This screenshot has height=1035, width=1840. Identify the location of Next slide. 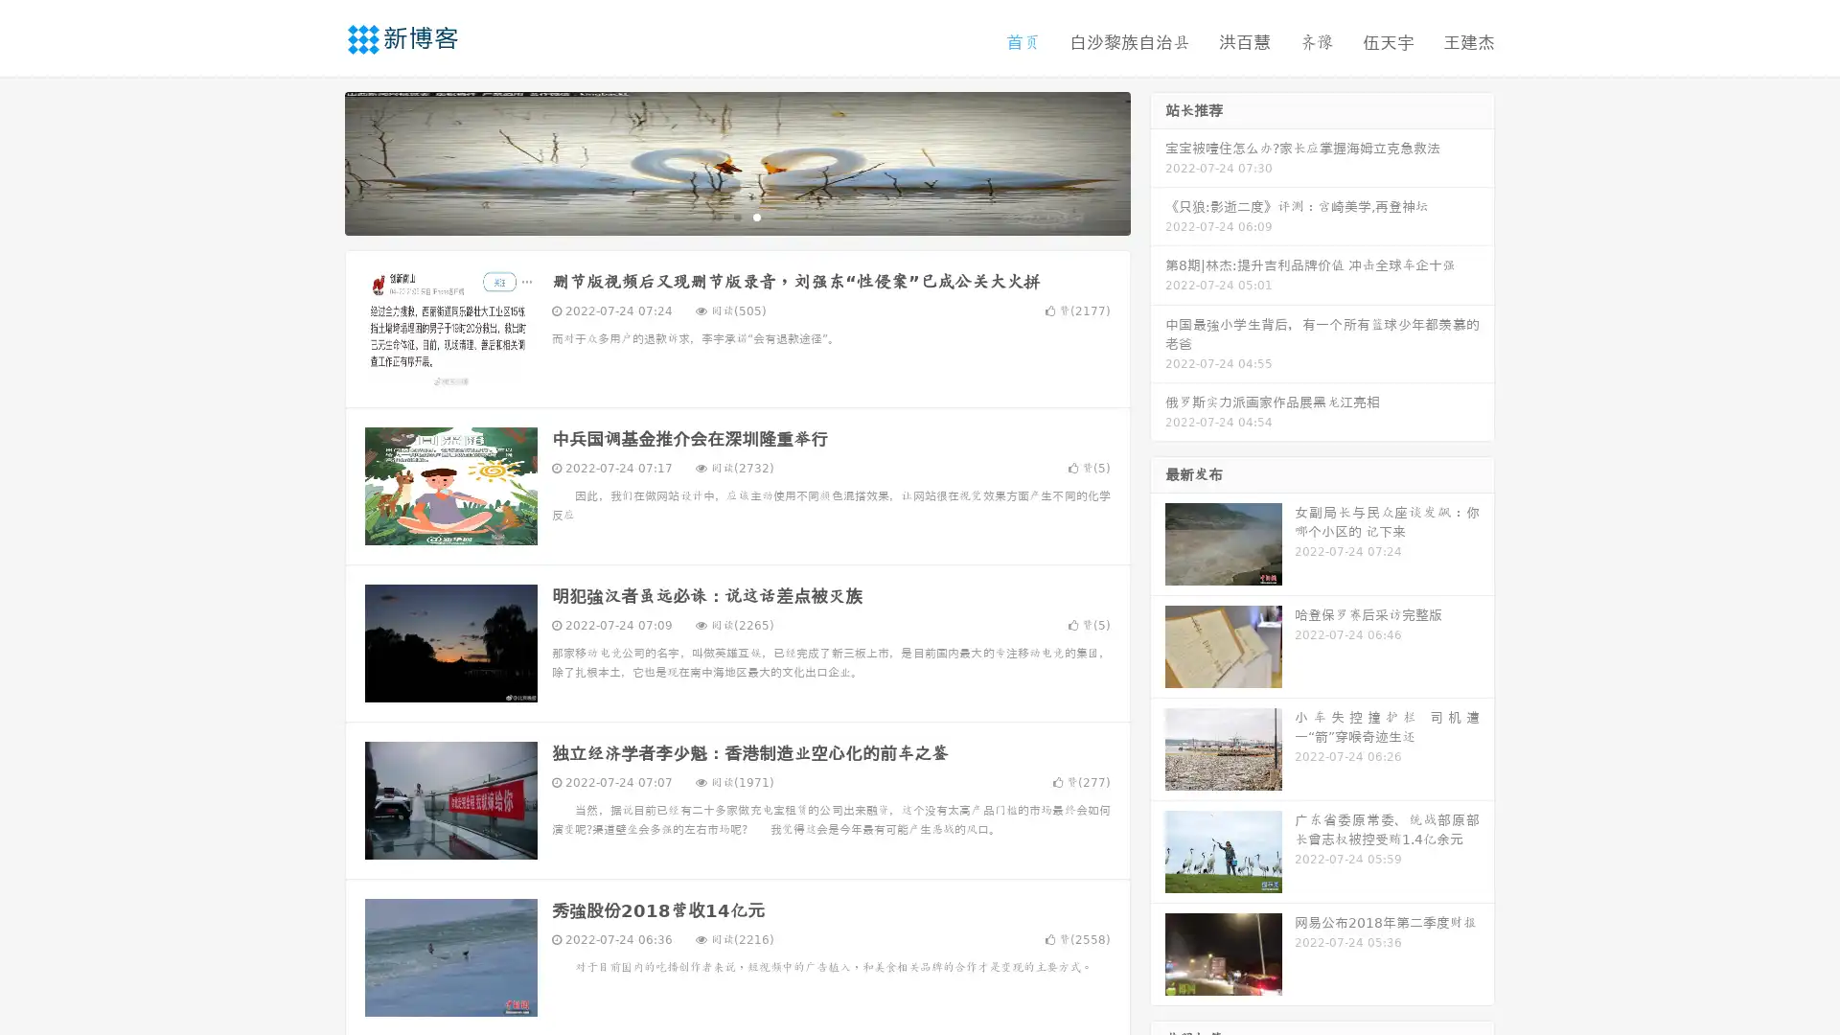
(1158, 161).